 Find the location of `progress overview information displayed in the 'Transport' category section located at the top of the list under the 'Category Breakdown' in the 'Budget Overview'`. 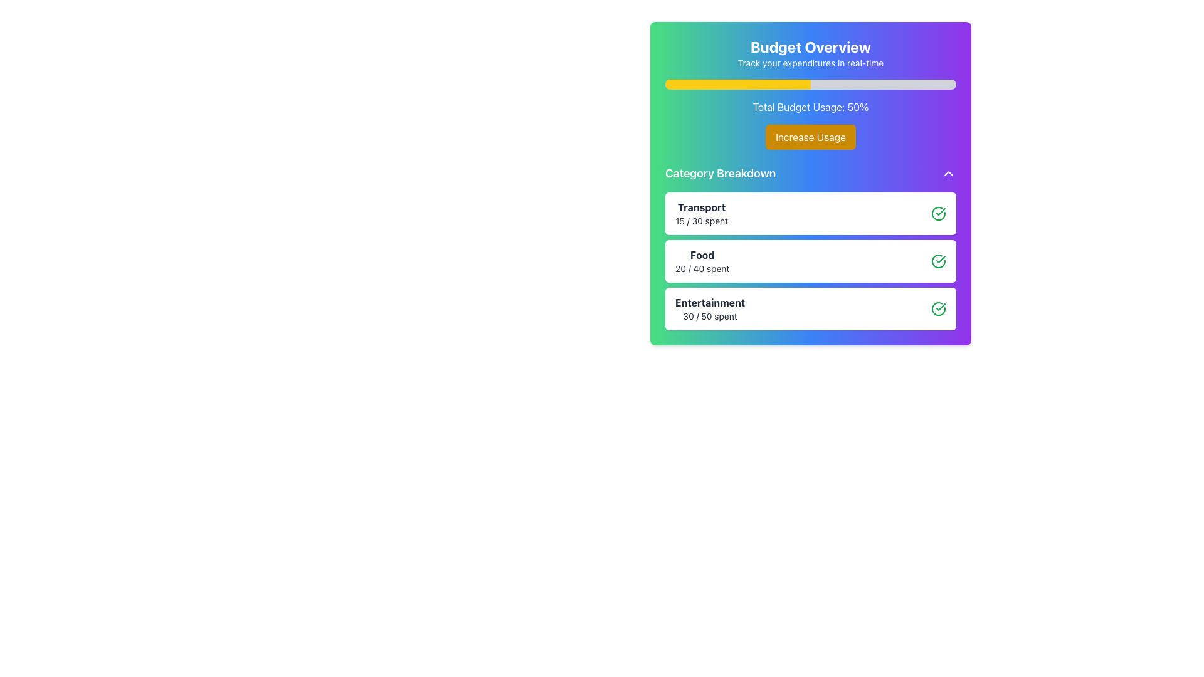

progress overview information displayed in the 'Transport' category section located at the top of the list under the 'Category Breakdown' in the 'Budget Overview' is located at coordinates (810, 213).